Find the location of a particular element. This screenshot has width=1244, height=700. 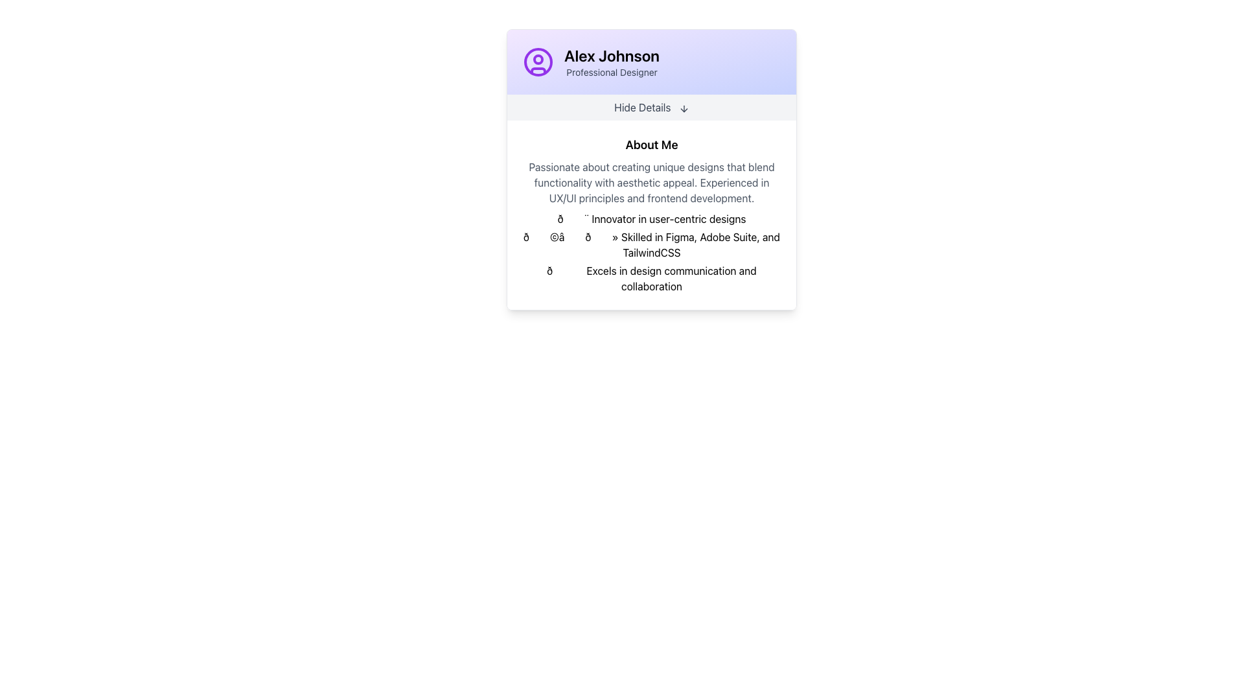

the outermost circular border of the user icon graphic located above the text 'Alex Johnson' and 'Professional Designer' is located at coordinates (538, 62).